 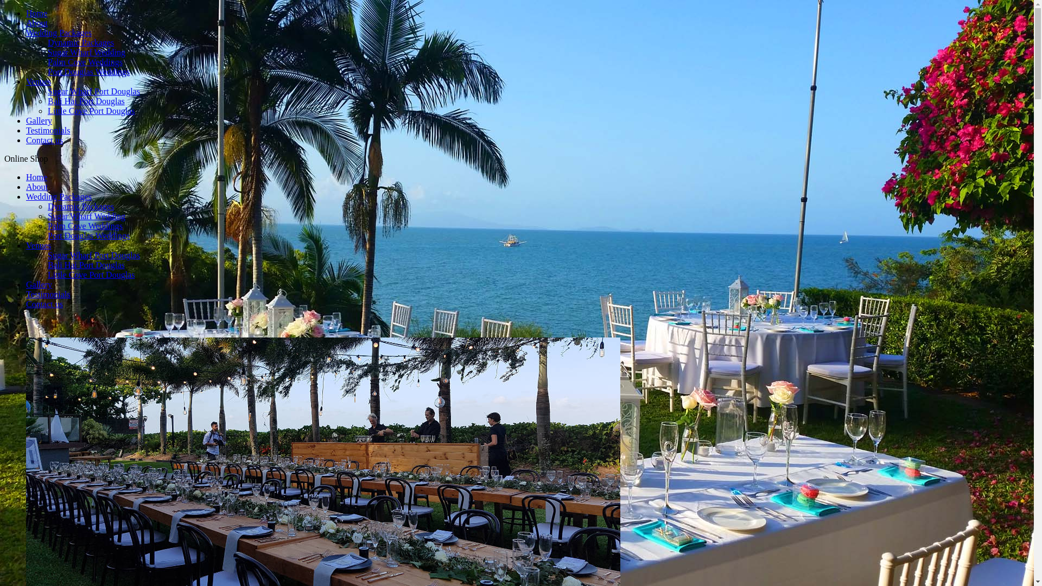 What do you see at coordinates (39, 284) in the screenshot?
I see `'Gallery'` at bounding box center [39, 284].